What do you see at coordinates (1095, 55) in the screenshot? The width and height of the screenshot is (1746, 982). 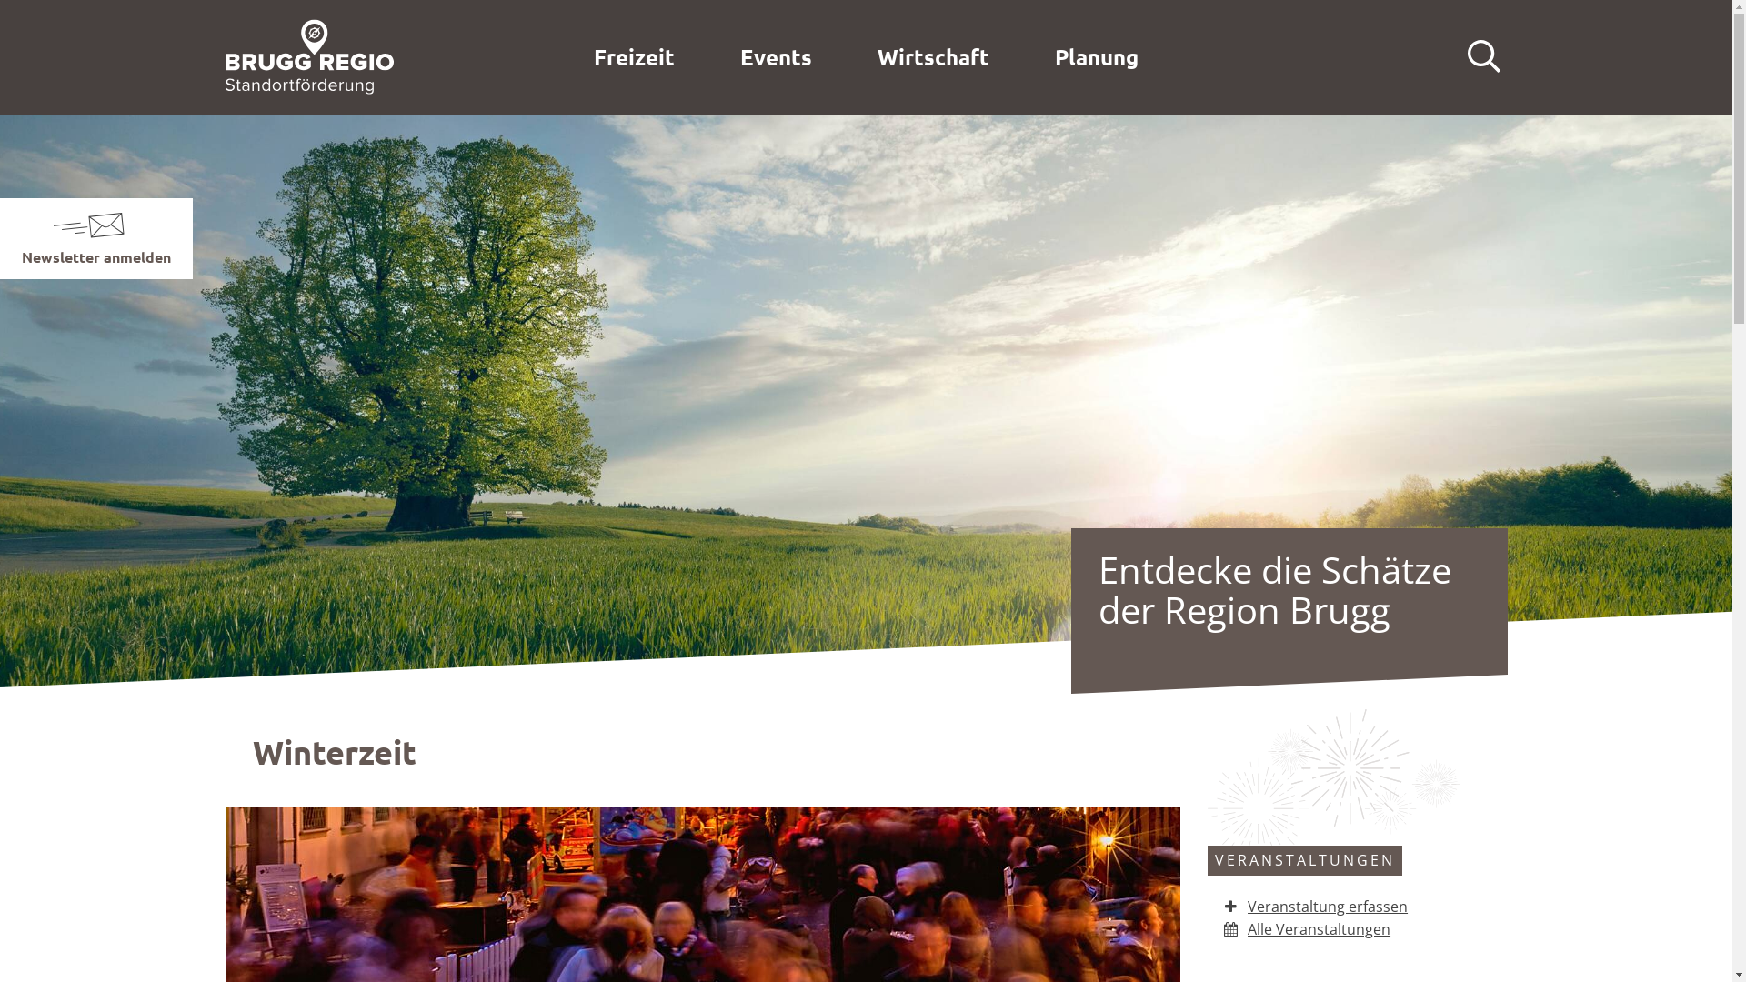 I see `'Planung'` at bounding box center [1095, 55].